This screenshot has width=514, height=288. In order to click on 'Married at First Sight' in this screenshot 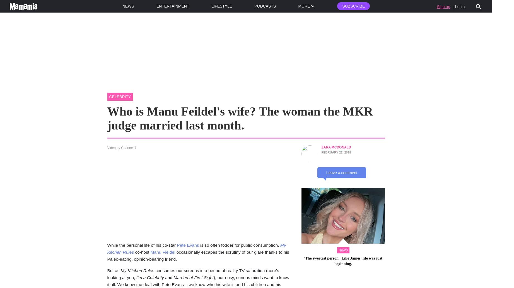, I will do `click(193, 277)`.